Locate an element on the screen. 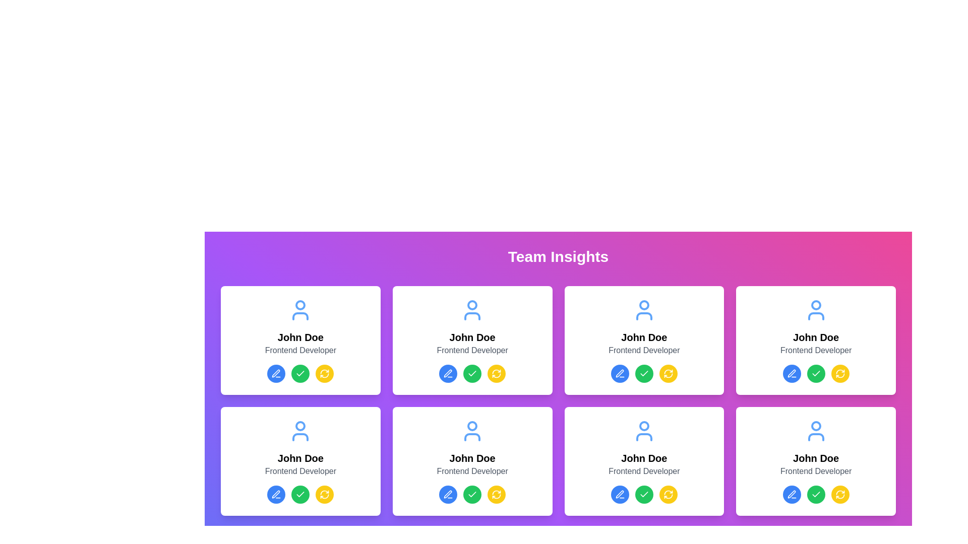 This screenshot has height=544, width=968. the checkmark icon, which is the second button in the set of three circular buttons below the 'John Doe' profile card, to confirm an action is located at coordinates (300, 494).